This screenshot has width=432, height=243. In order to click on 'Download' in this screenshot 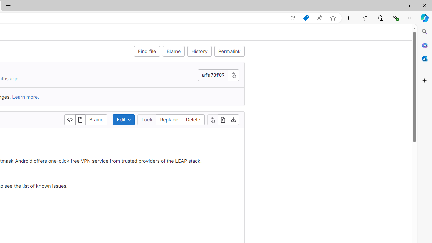, I will do `click(233, 119)`.